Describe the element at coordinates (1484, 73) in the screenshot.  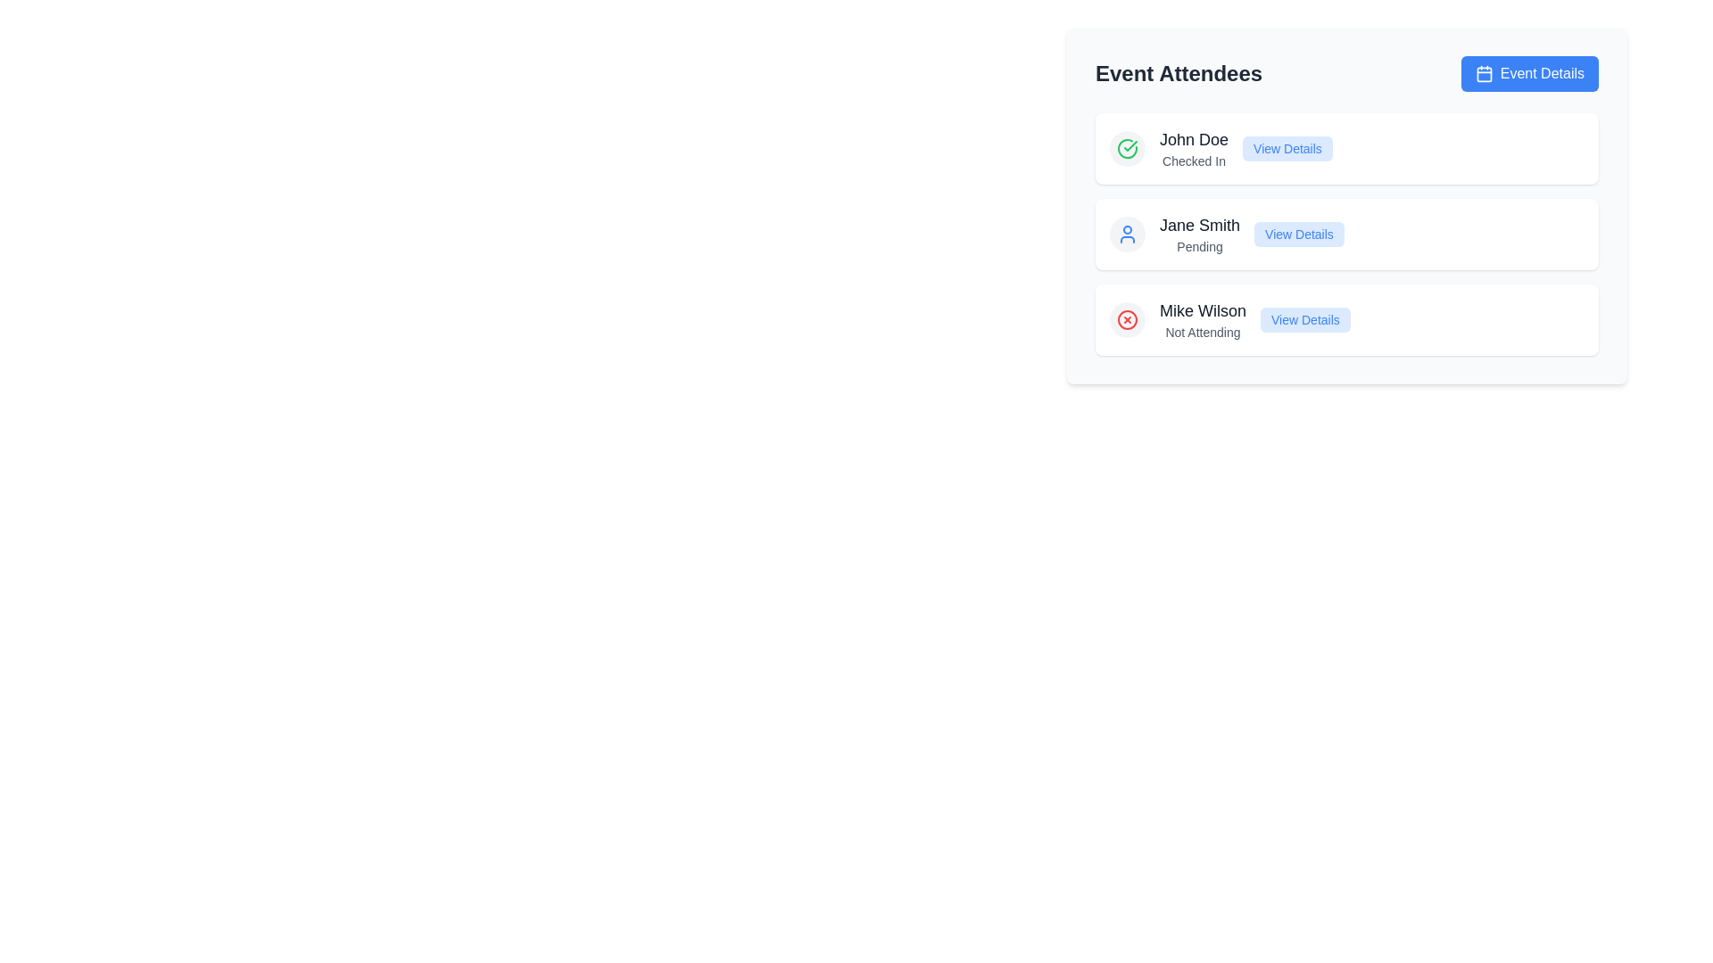
I see `the small rectangular shape with rounded corners within the blue button labeled 'Event Details' in the calendar SVG icon` at that location.